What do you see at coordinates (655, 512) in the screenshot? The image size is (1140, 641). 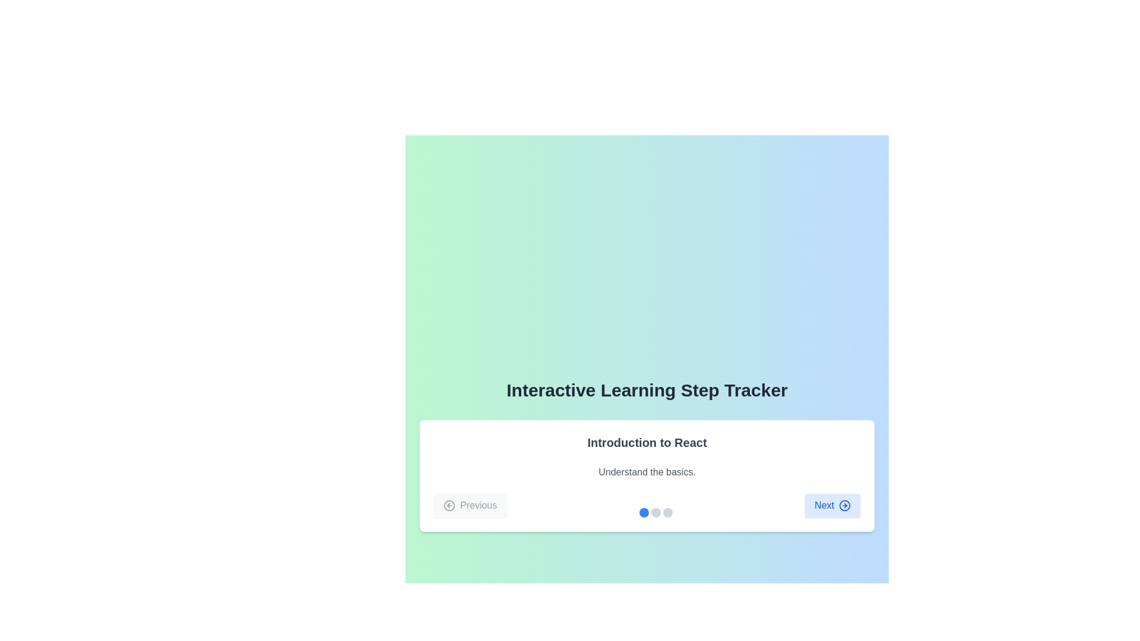 I see `the second circle in the series of three horizontally arranged circles that serve as a progress indicator at the center-bottom area of the card-like structure` at bounding box center [655, 512].